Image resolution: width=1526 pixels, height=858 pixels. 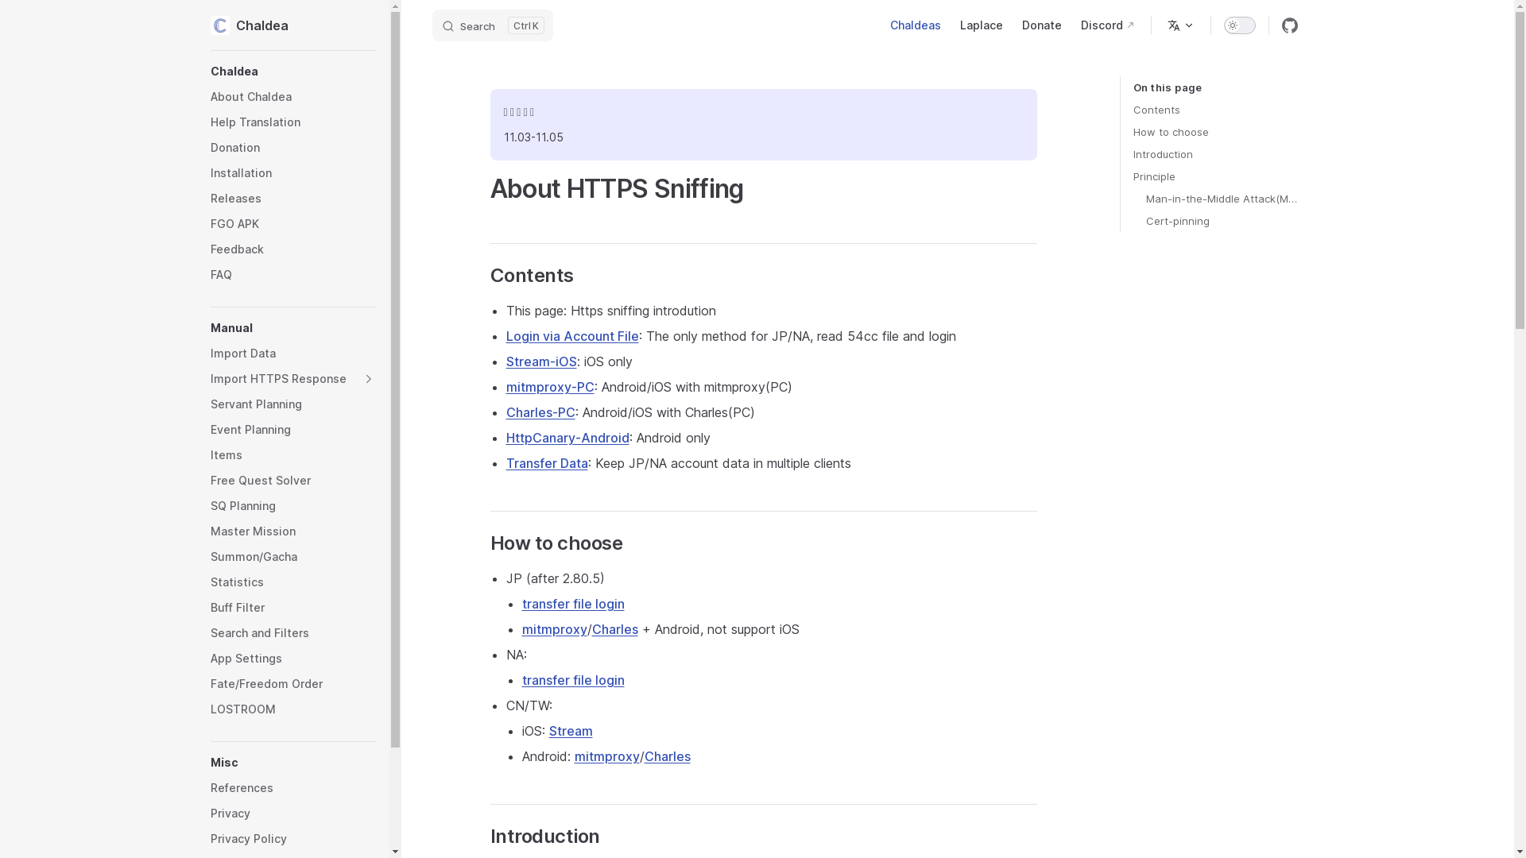 What do you see at coordinates (1041, 25) in the screenshot?
I see `'Donate'` at bounding box center [1041, 25].